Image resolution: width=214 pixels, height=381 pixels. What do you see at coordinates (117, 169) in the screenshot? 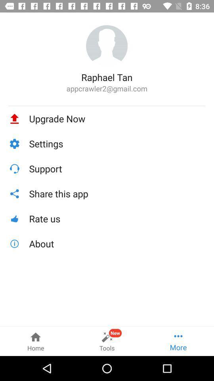
I see `item above share this app` at bounding box center [117, 169].